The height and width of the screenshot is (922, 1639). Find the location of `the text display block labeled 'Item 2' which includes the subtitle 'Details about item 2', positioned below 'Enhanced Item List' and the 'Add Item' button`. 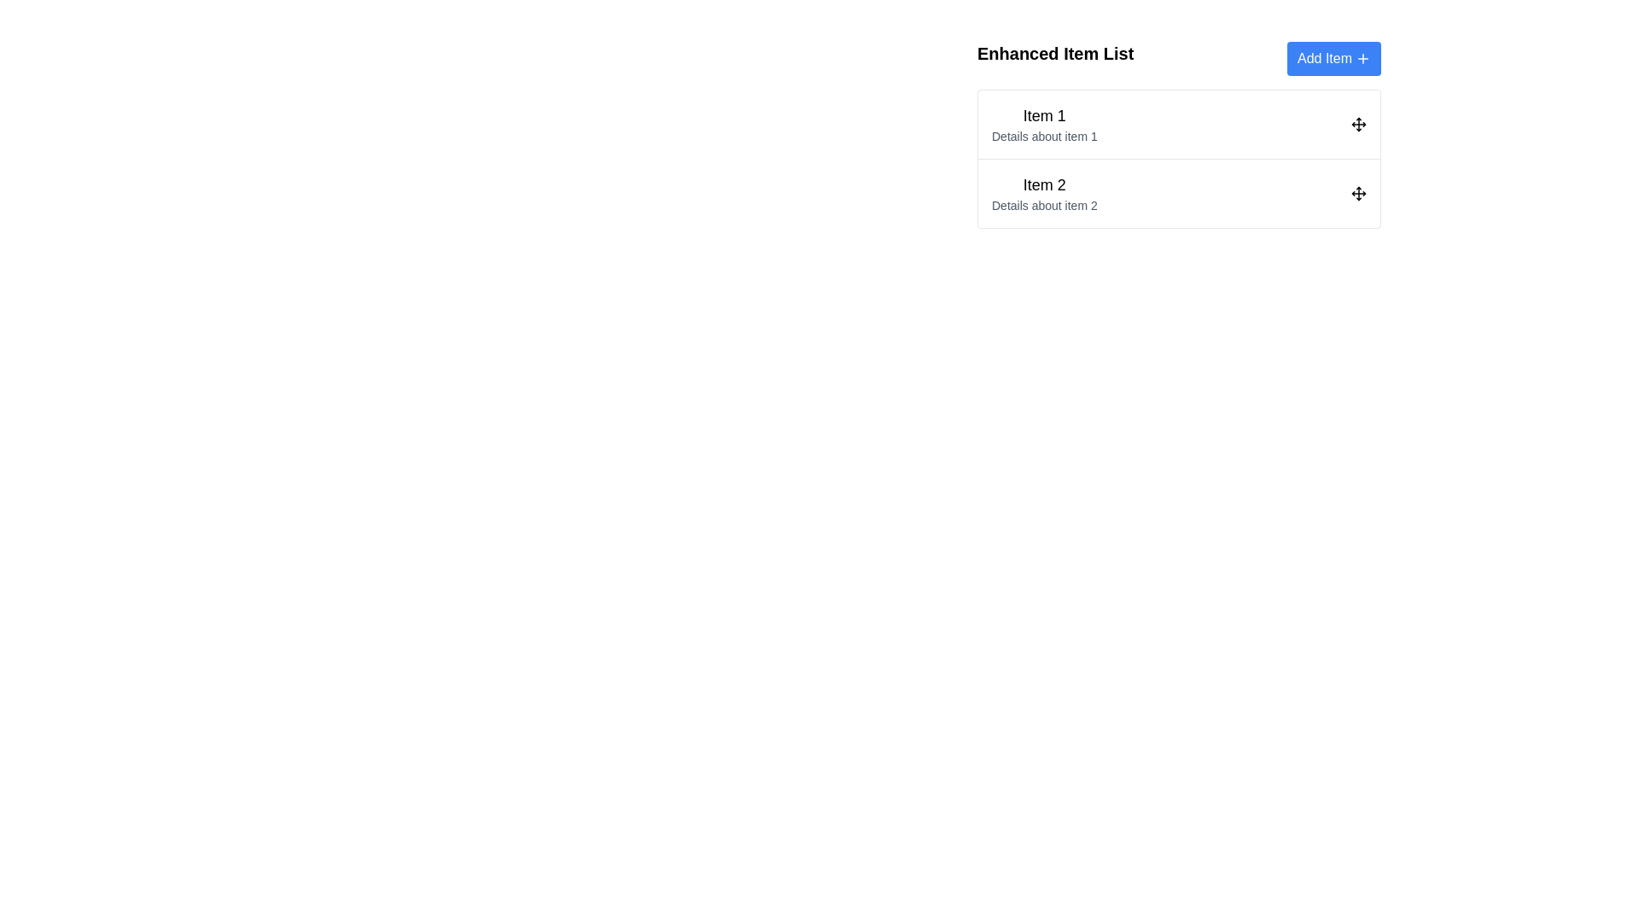

the text display block labeled 'Item 2' which includes the subtitle 'Details about item 2', positioned below 'Enhanced Item List' and the 'Add Item' button is located at coordinates (1043, 193).